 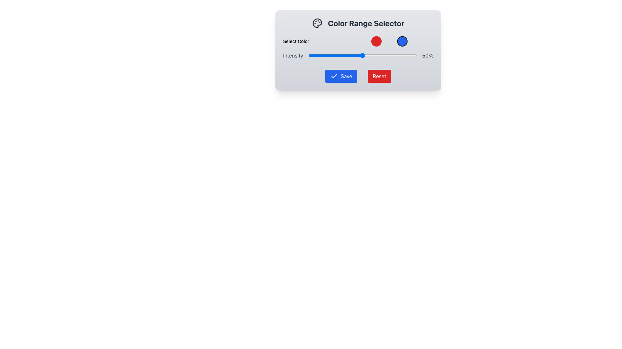 I want to click on small circular palette icon located to the left of the 'Color Range Selector' title text in the header area of the modal dialog for accessibility purposes, so click(x=317, y=23).